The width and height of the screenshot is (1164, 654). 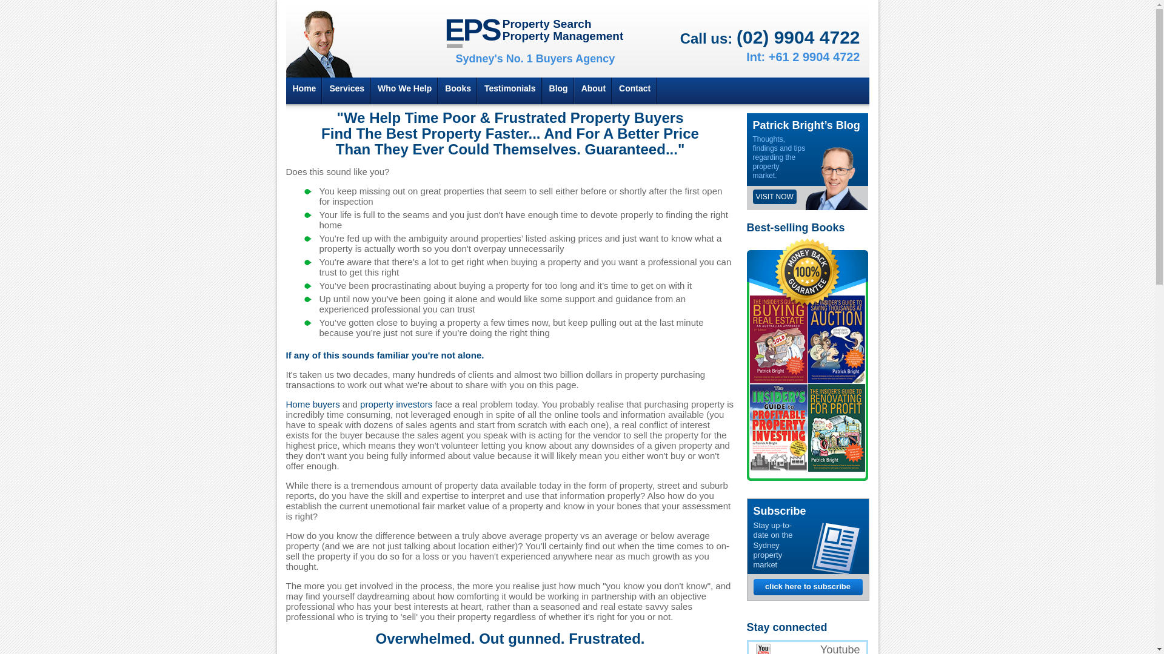 What do you see at coordinates (594, 90) in the screenshot?
I see `'About'` at bounding box center [594, 90].